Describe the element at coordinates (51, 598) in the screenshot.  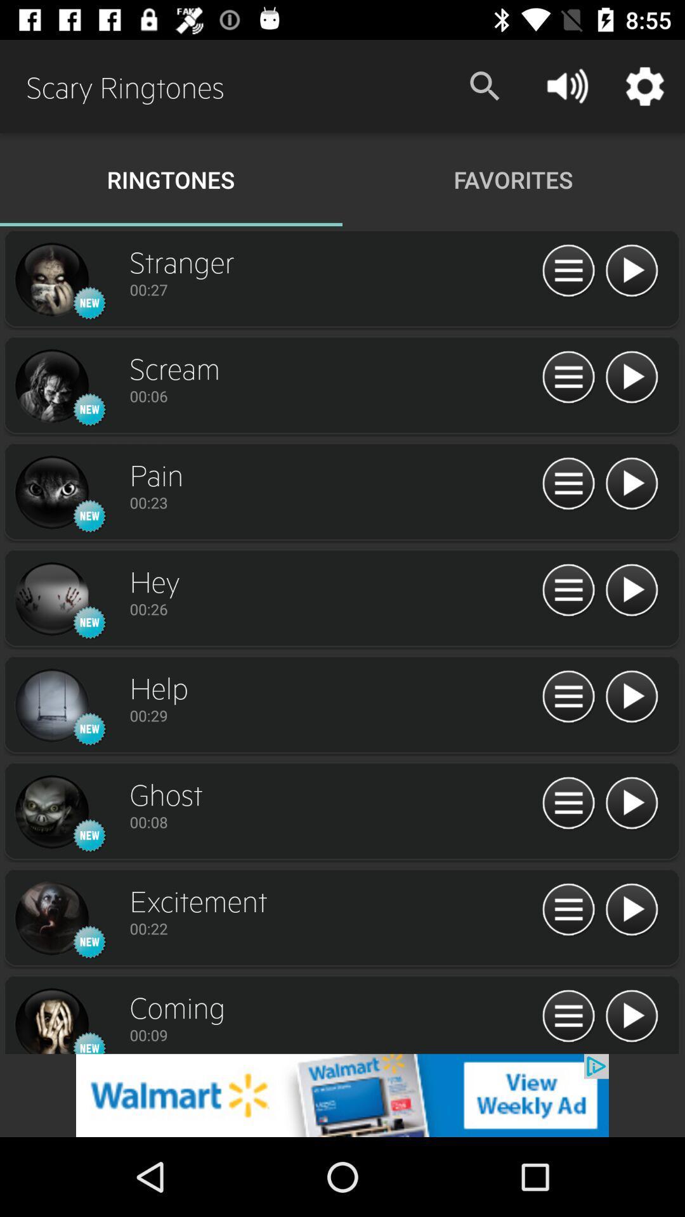
I see `click image` at that location.